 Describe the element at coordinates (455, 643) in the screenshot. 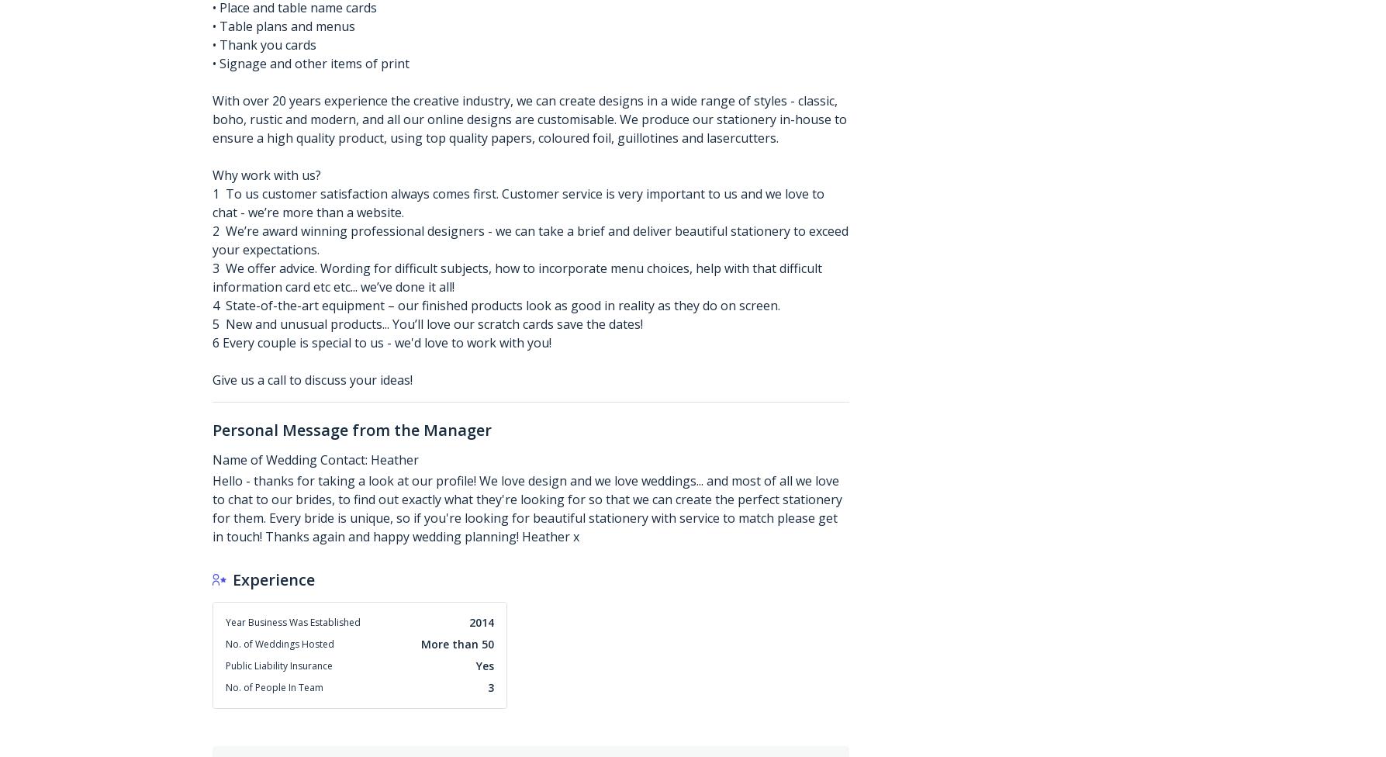

I see `'More than 50'` at that location.